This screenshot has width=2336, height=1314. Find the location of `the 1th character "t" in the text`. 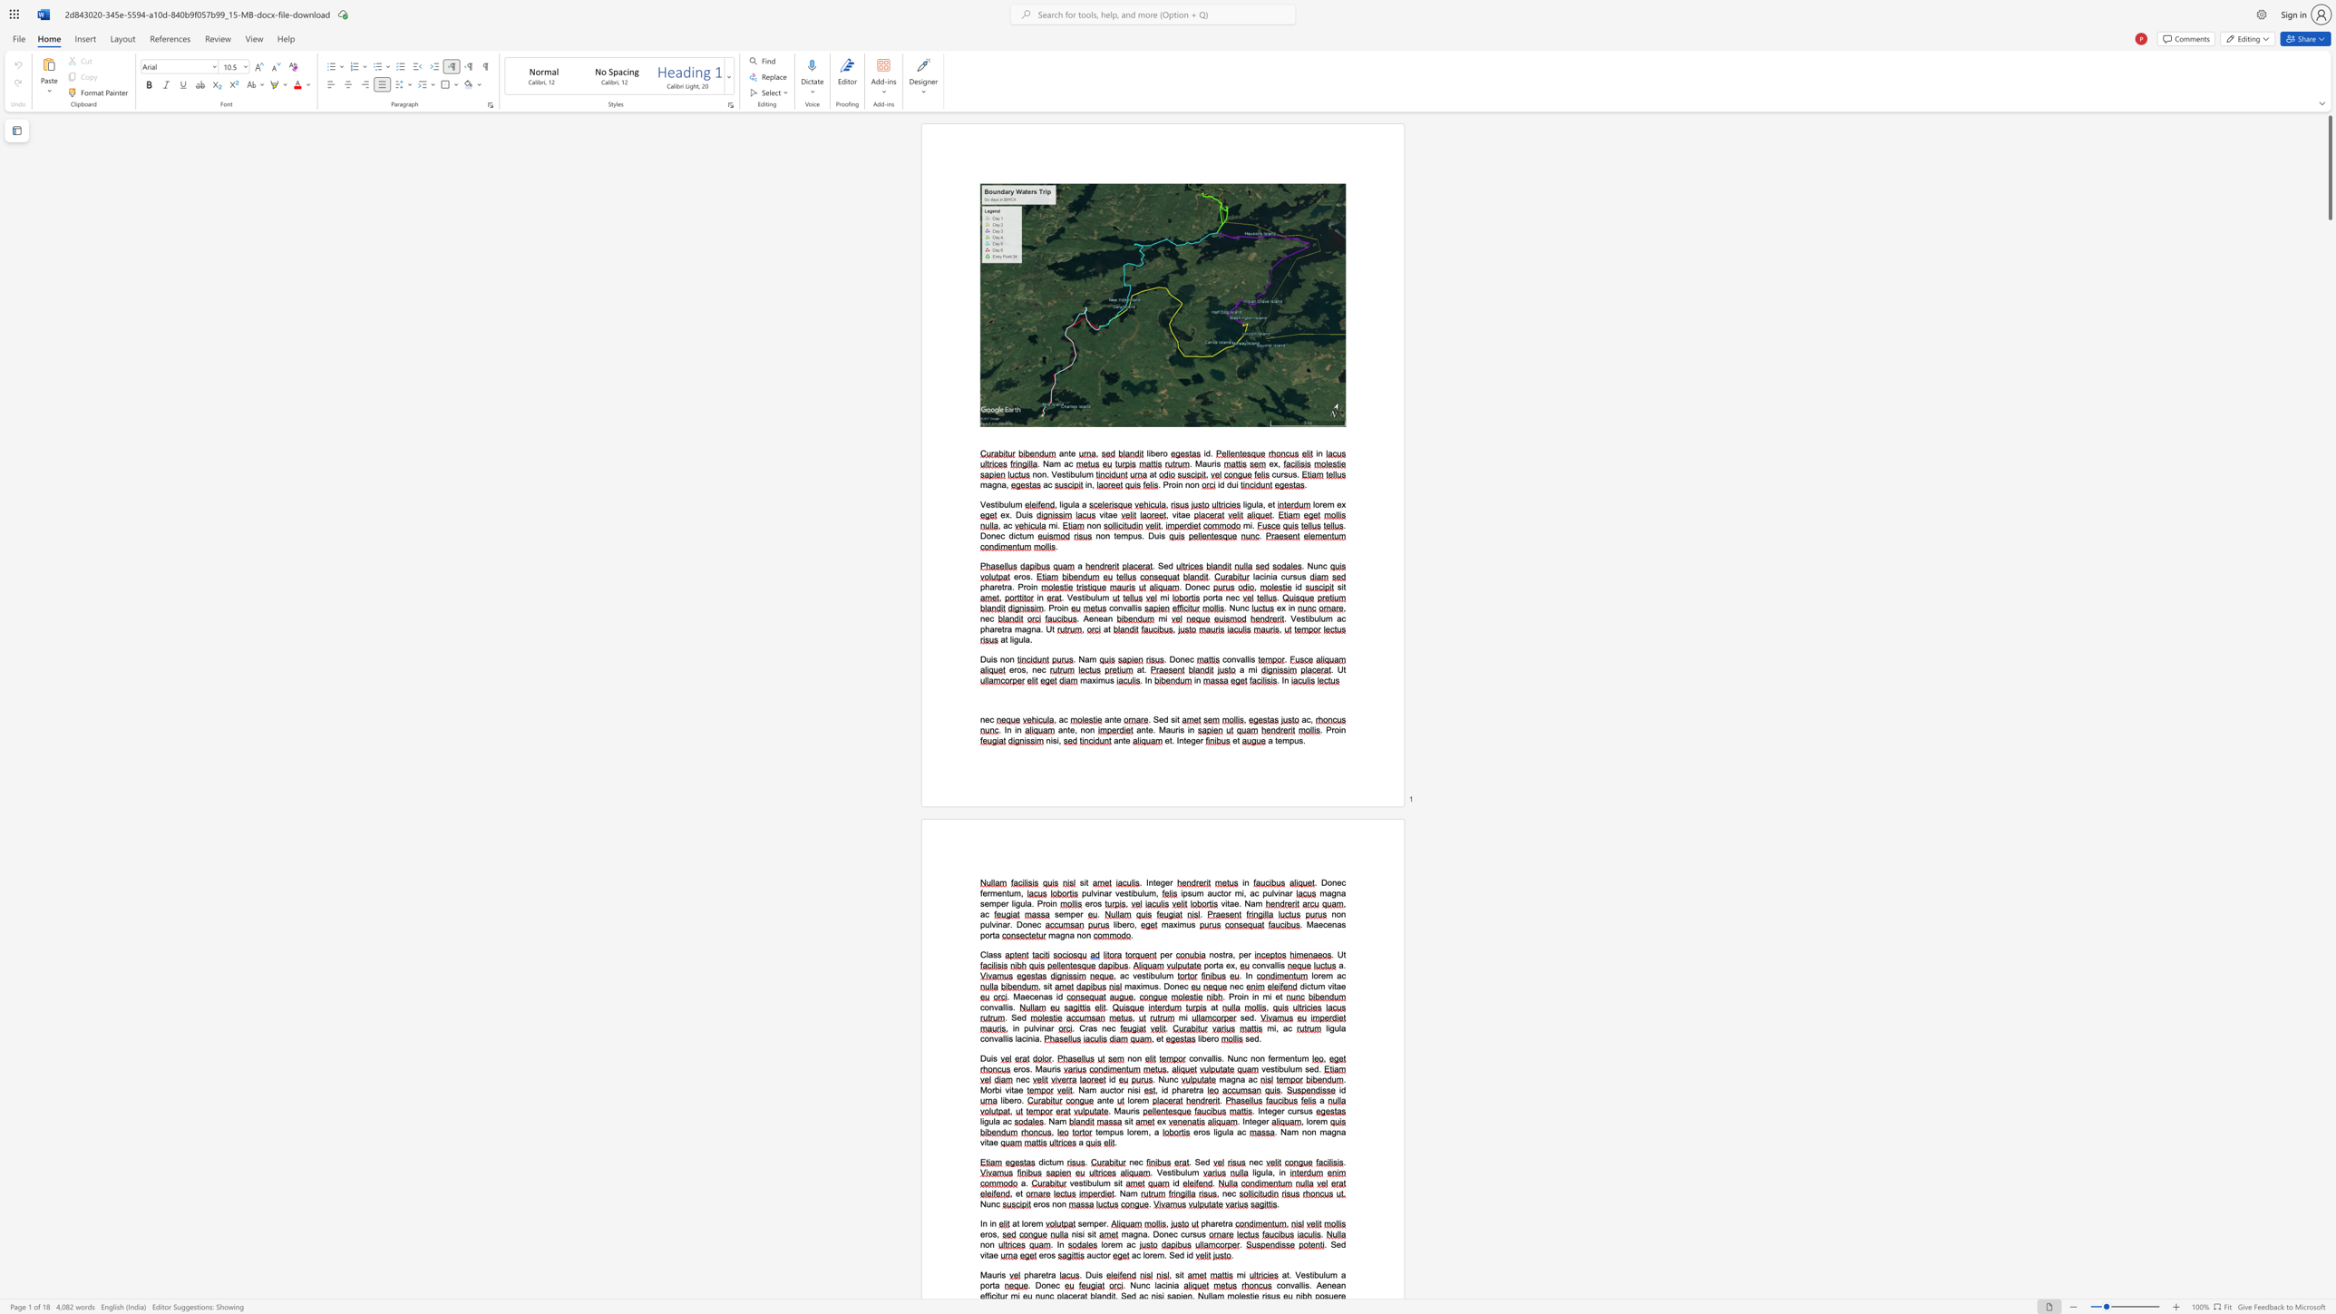

the 1th character "t" in the text is located at coordinates (1046, 1274).